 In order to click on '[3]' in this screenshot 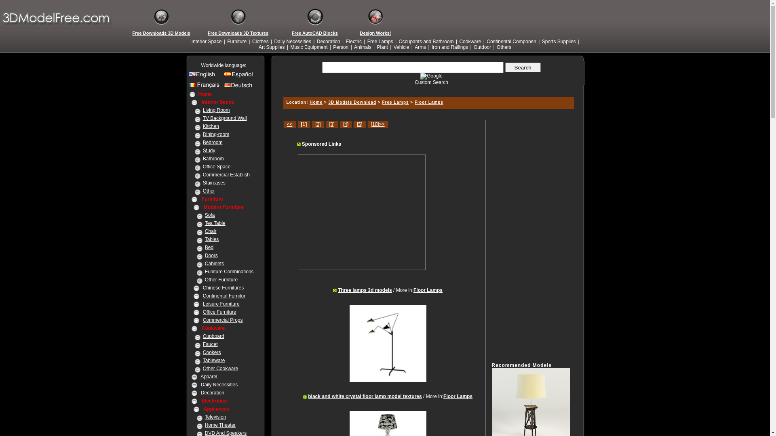, I will do `click(326, 124)`.